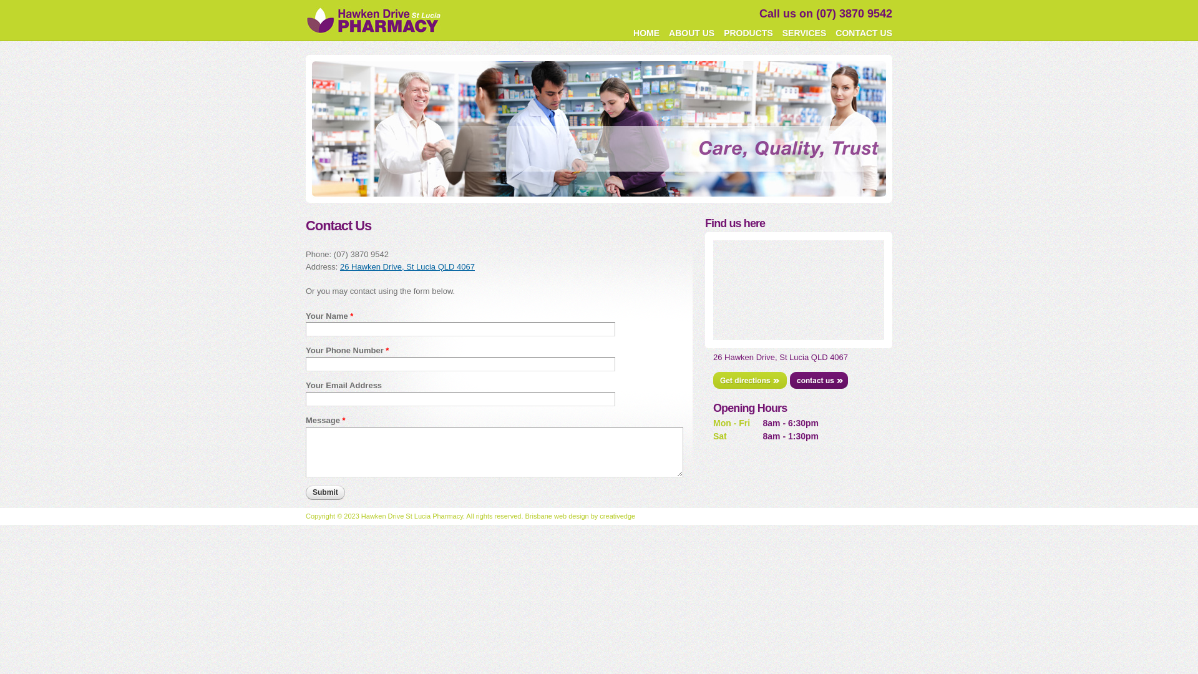  What do you see at coordinates (525, 515) in the screenshot?
I see `'Brisbane web design'` at bounding box center [525, 515].